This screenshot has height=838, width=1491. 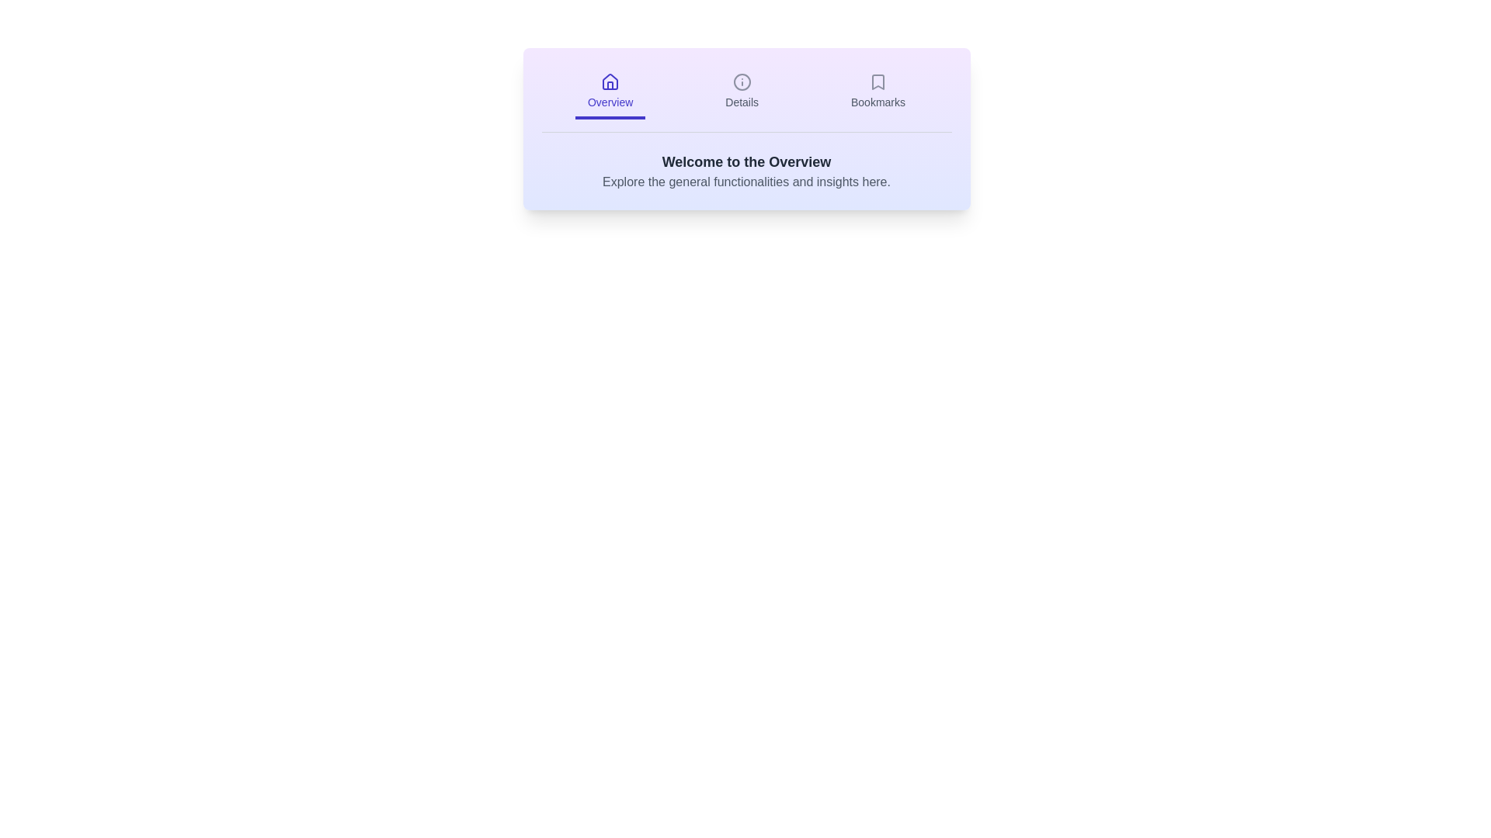 I want to click on the 'Details' icon in the navigation menu, so click(x=741, y=81).